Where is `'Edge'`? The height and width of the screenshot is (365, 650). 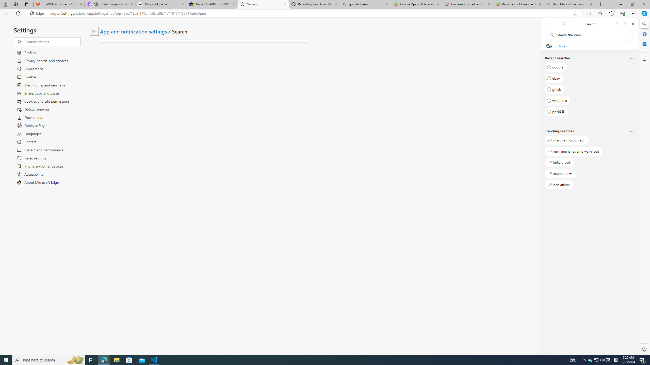 'Edge' is located at coordinates (38, 13).